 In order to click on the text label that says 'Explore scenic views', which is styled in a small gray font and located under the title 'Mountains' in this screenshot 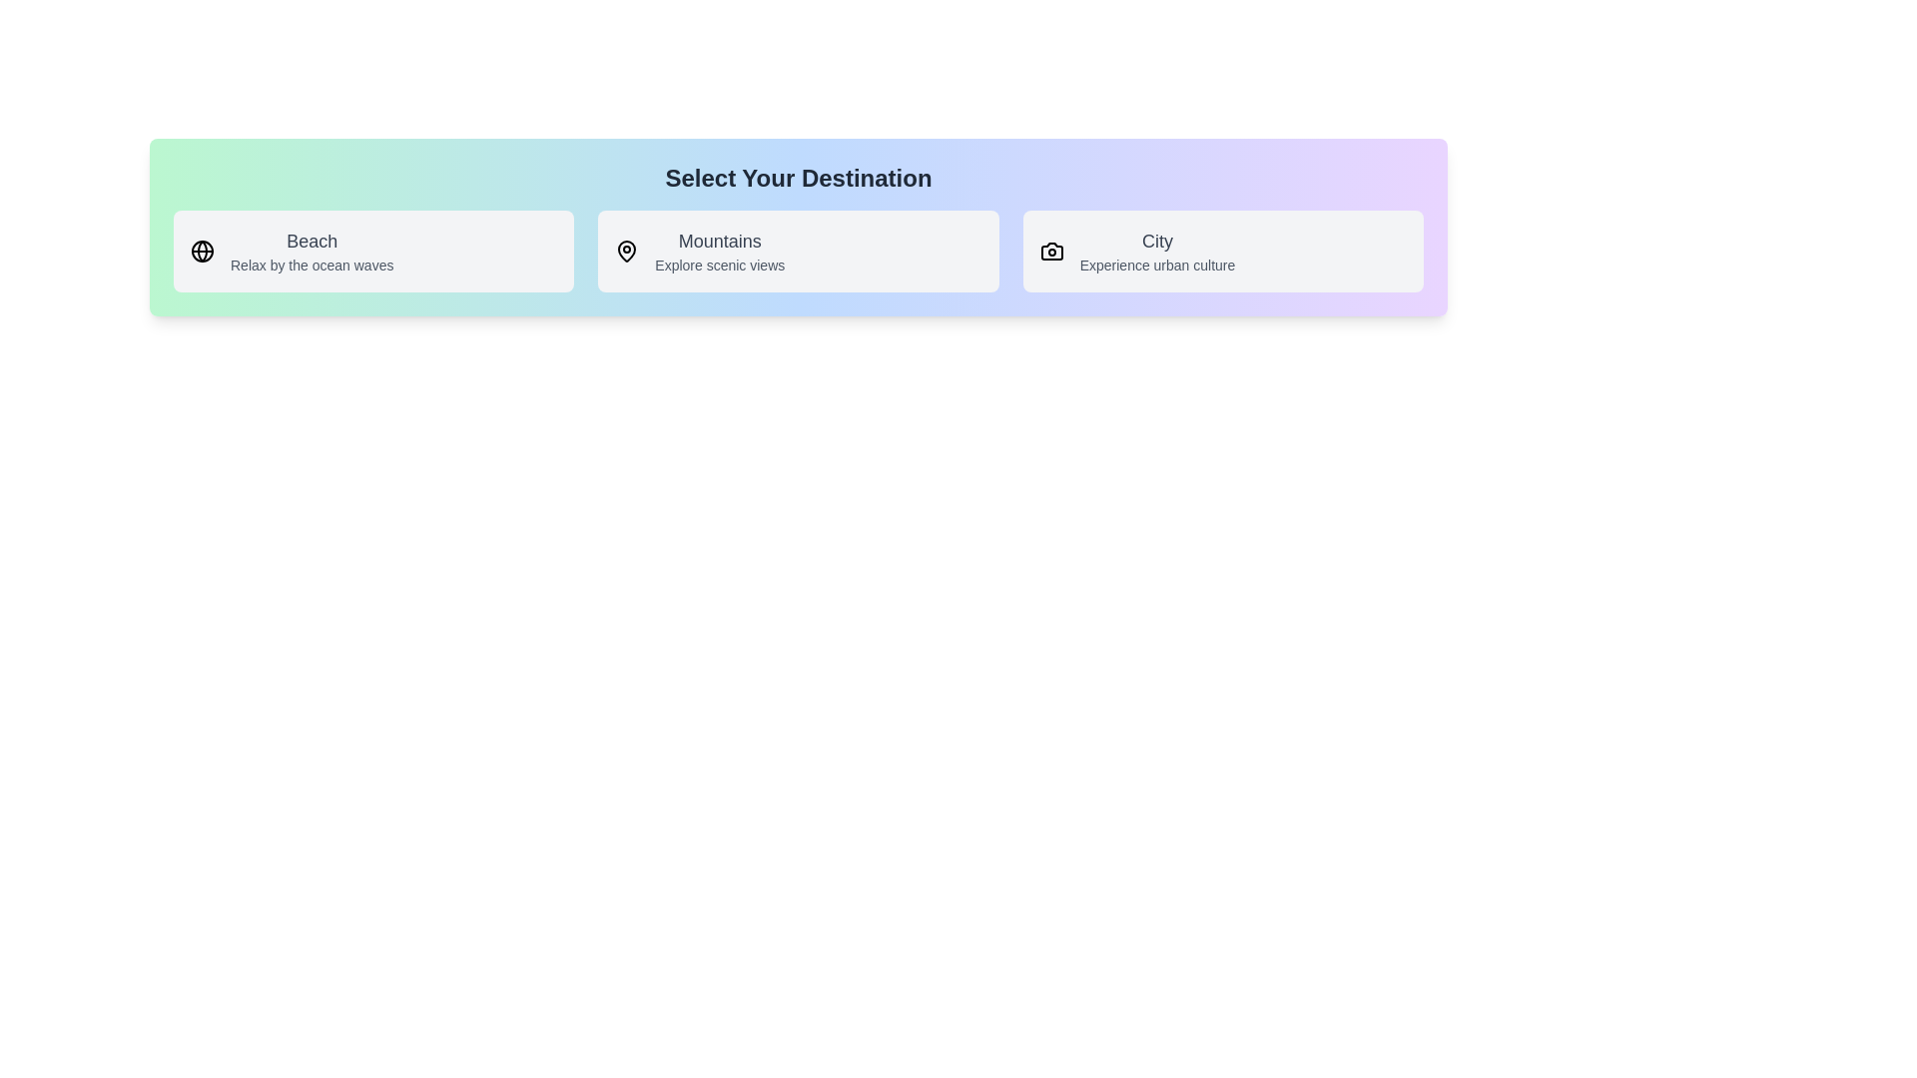, I will do `click(719, 265)`.